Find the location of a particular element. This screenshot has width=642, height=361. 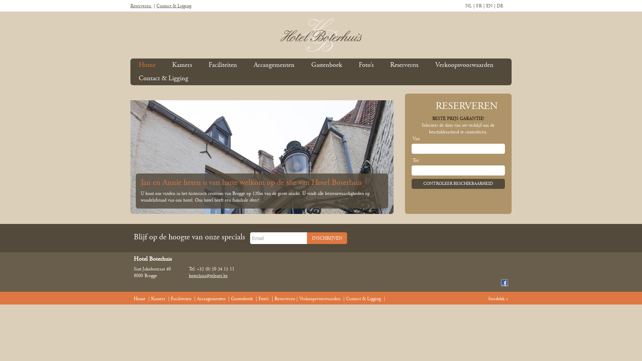

'DE' is located at coordinates (500, 6).